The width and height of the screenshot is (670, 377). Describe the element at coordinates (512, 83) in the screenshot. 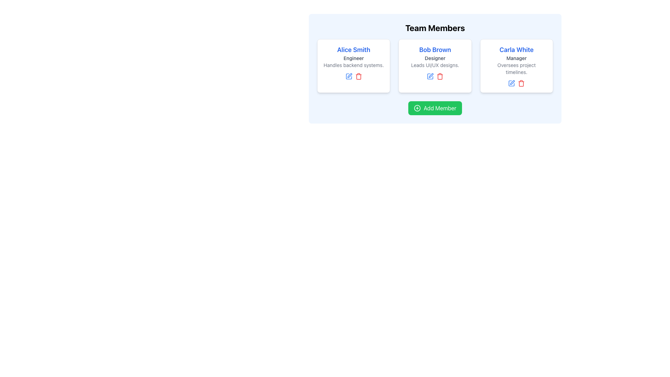

I see `the outlined icon resembling a square with rounded corners that is part of the edit tool icon for the member named 'Carla White'` at that location.